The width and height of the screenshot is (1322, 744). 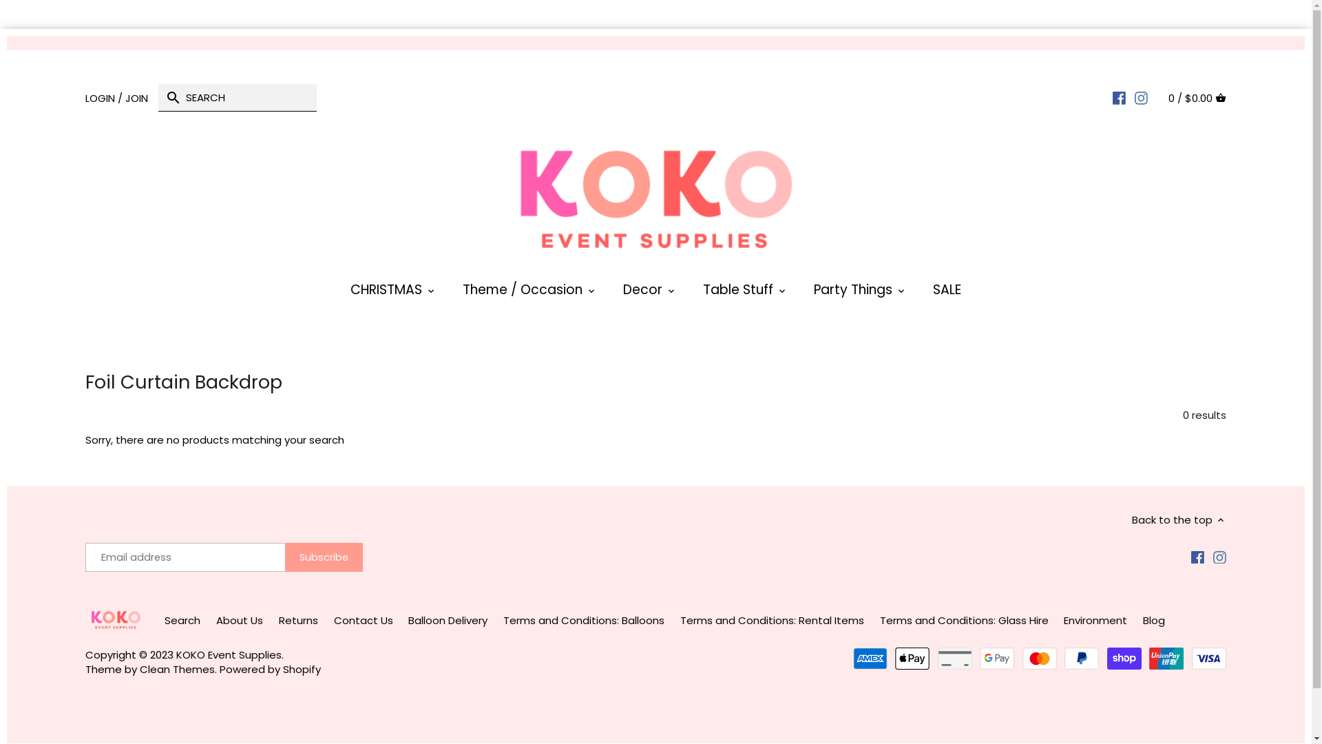 I want to click on 'Clean Themes', so click(x=176, y=668).